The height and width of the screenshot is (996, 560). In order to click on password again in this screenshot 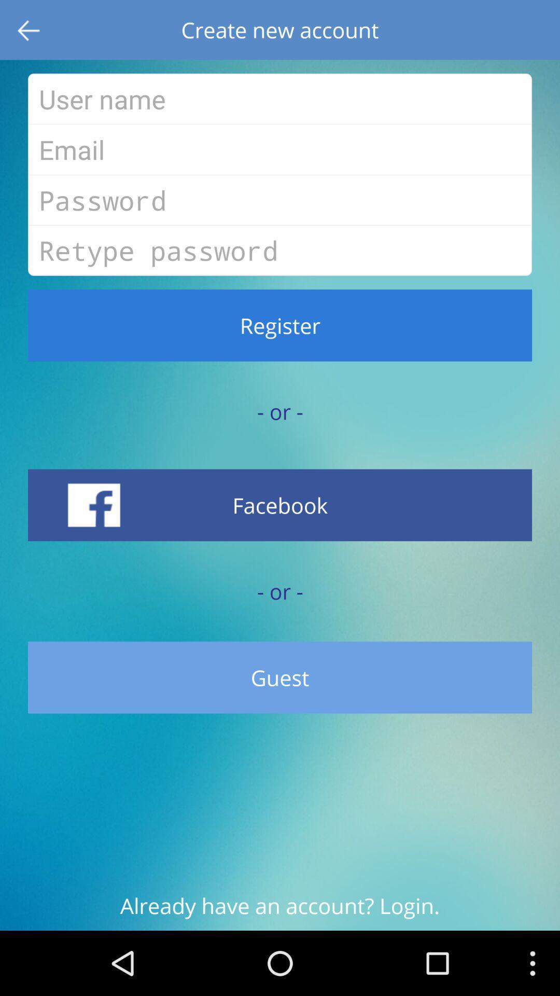, I will do `click(280, 251)`.